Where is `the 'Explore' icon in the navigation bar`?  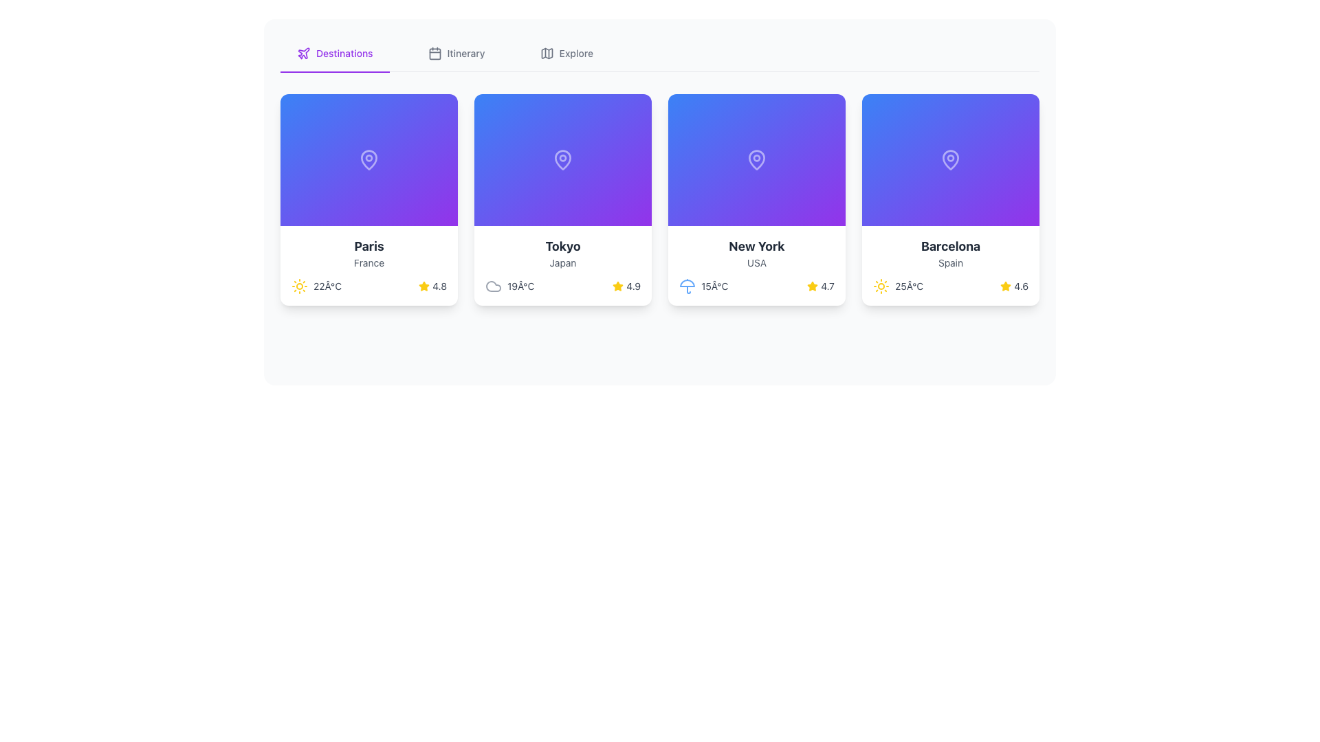
the 'Explore' icon in the navigation bar is located at coordinates (546, 52).